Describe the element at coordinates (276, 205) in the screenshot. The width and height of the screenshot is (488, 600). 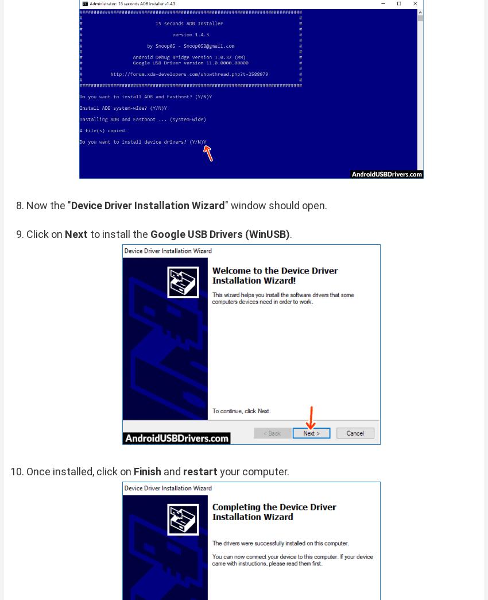
I see `'" window should open.'` at that location.